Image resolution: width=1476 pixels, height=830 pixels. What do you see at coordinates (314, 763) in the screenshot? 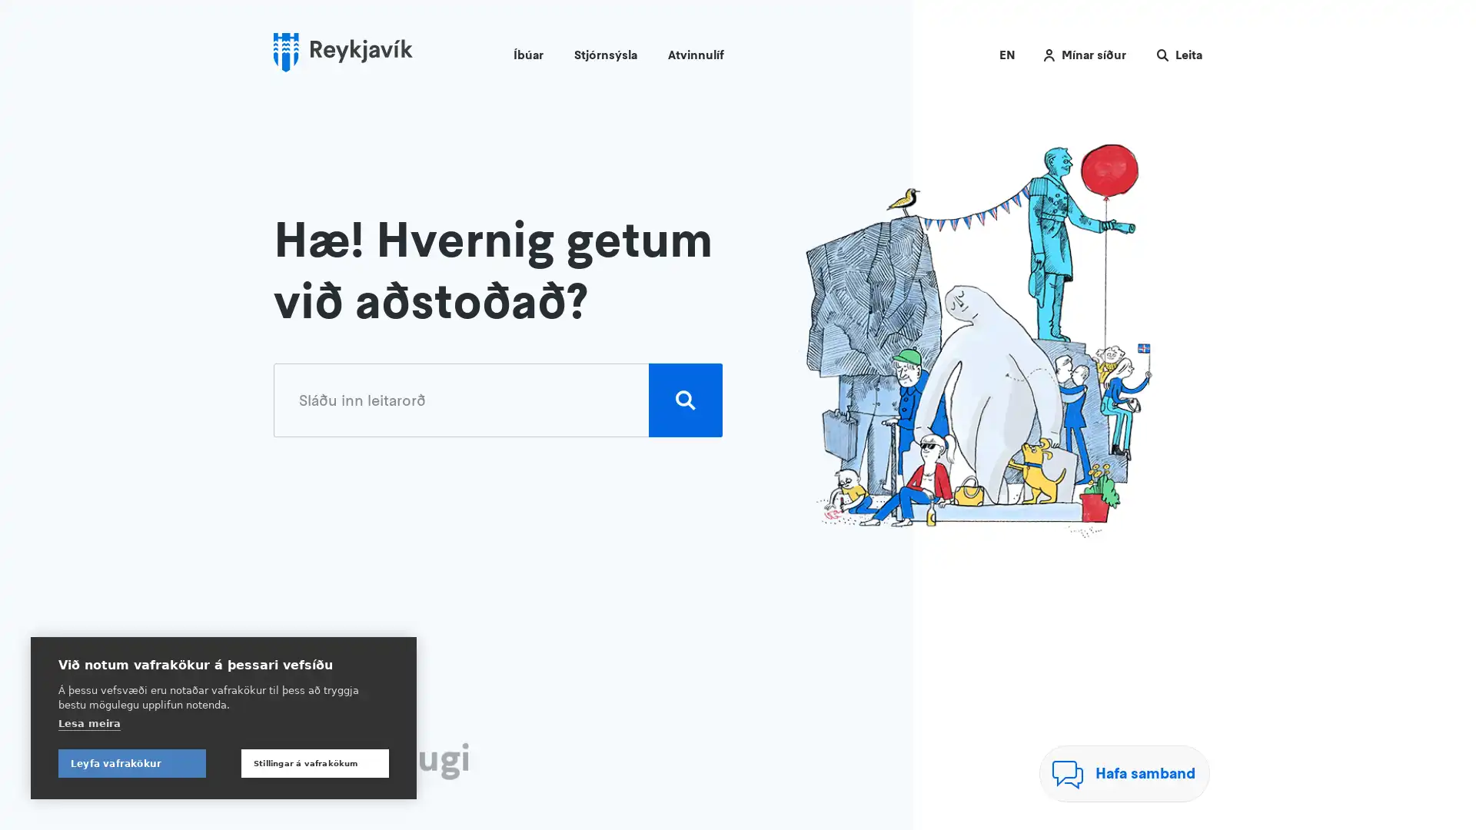
I see `Stillingar a vafrakokum` at bounding box center [314, 763].